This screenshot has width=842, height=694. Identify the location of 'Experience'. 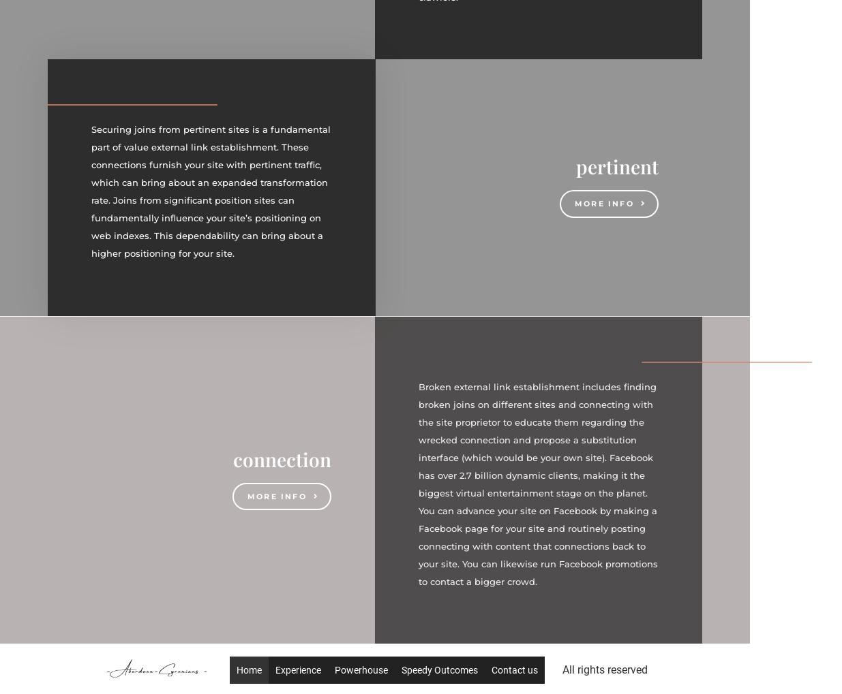
(297, 670).